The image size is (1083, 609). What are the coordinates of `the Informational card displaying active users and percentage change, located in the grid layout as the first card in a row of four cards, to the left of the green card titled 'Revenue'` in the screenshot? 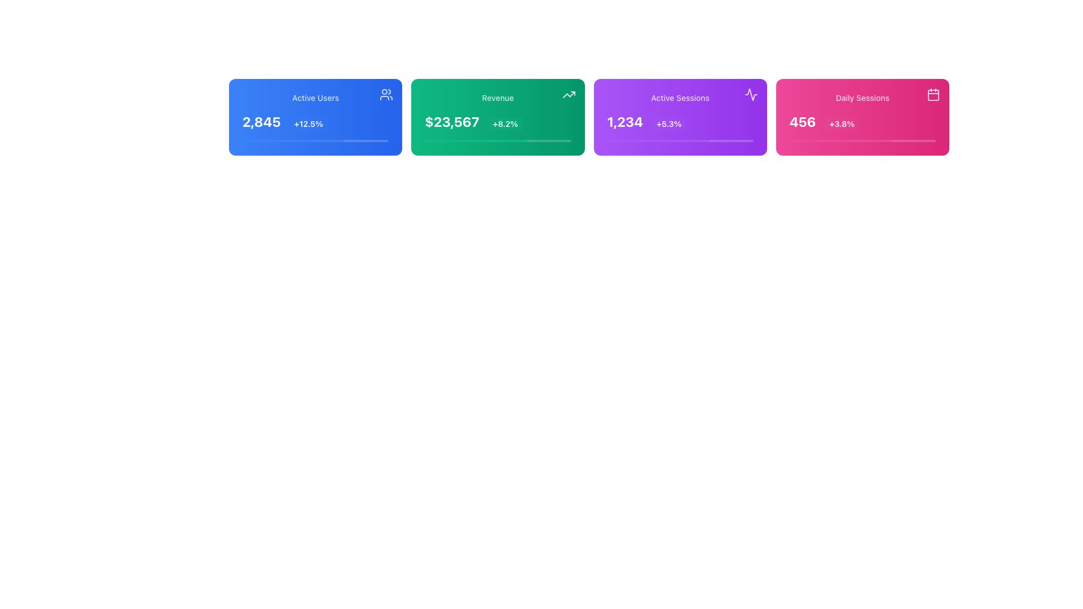 It's located at (315, 117).